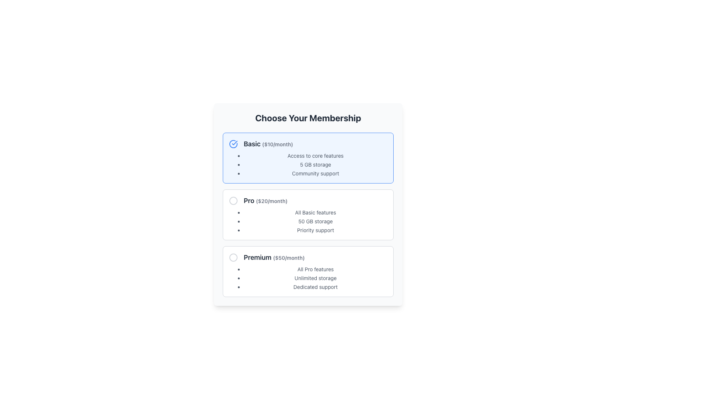 This screenshot has width=707, height=398. What do you see at coordinates (233, 200) in the screenshot?
I see `the SVG circle graphic located centrally within the 'Pro' membership section, which is the second choice in the vertical stack of membership options` at bounding box center [233, 200].